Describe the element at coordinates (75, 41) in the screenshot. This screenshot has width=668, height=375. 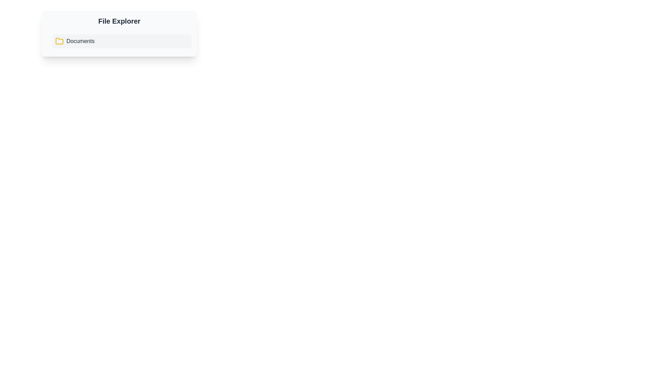
I see `the folder icon labeled 'Documents'` at that location.